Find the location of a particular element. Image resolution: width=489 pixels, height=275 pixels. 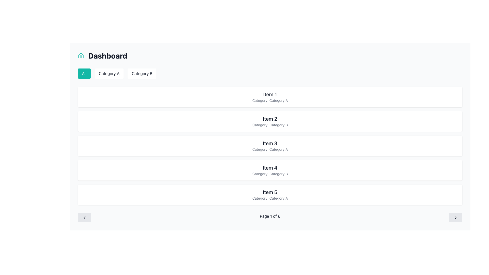

the text label reading 'Category: Category B' which is styled in gray color and located below 'Item 4' inside a white card is located at coordinates (270, 173).